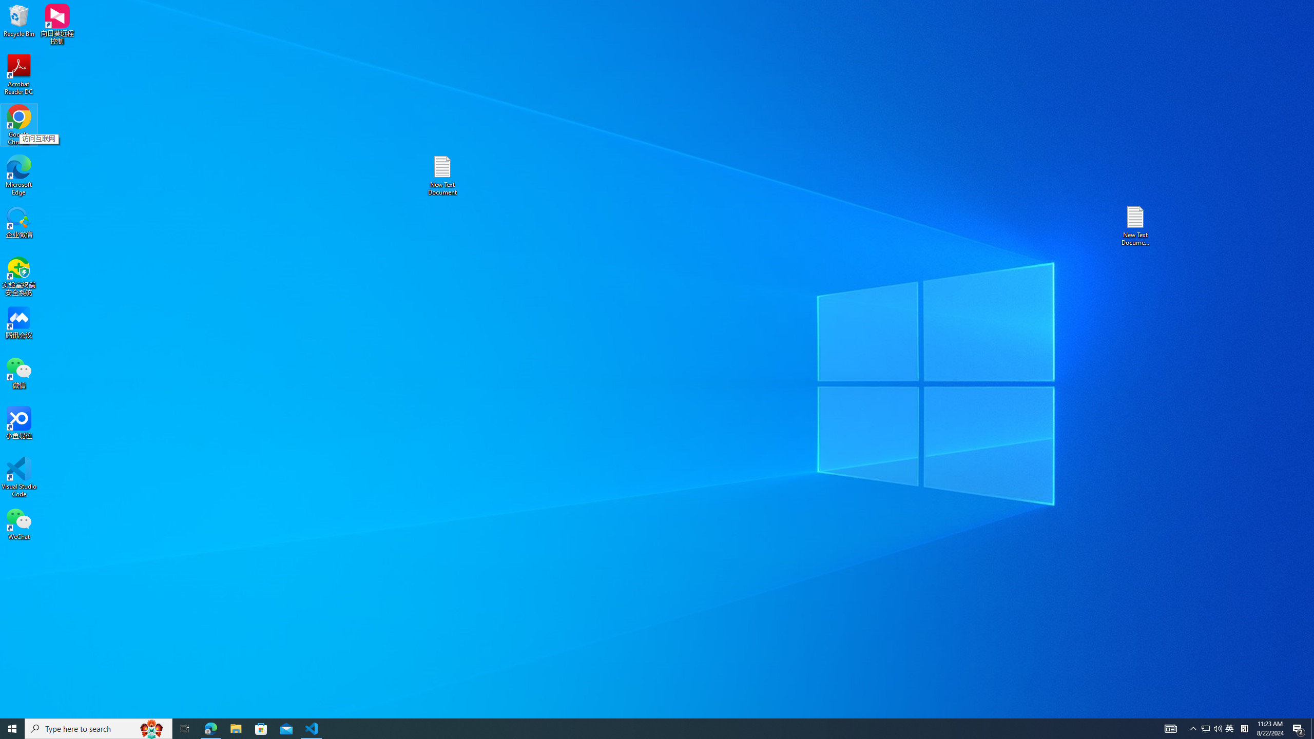 This screenshot has height=739, width=1314. I want to click on 'Running applications', so click(12, 728).